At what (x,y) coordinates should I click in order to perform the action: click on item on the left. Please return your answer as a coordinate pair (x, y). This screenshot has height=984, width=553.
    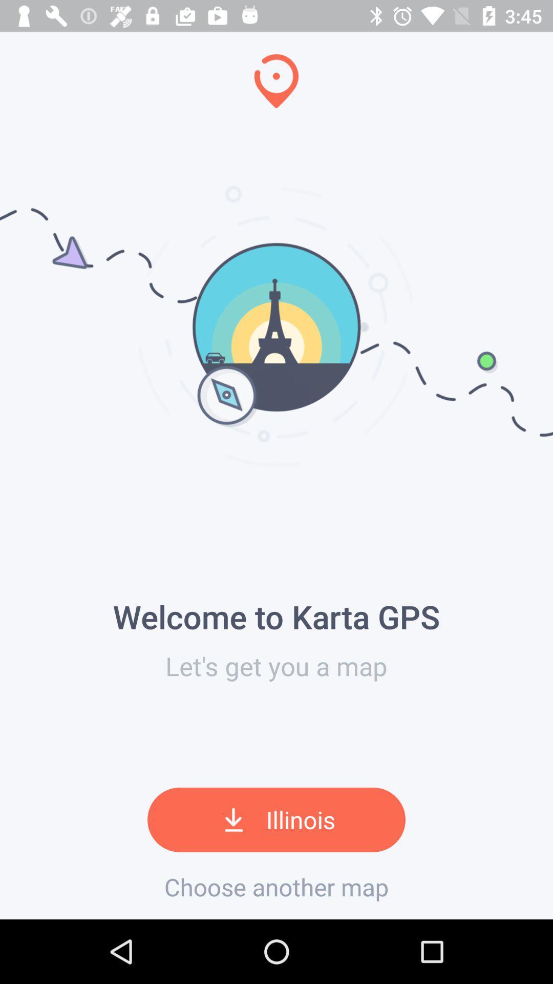
    Looking at the image, I should click on (4, 459).